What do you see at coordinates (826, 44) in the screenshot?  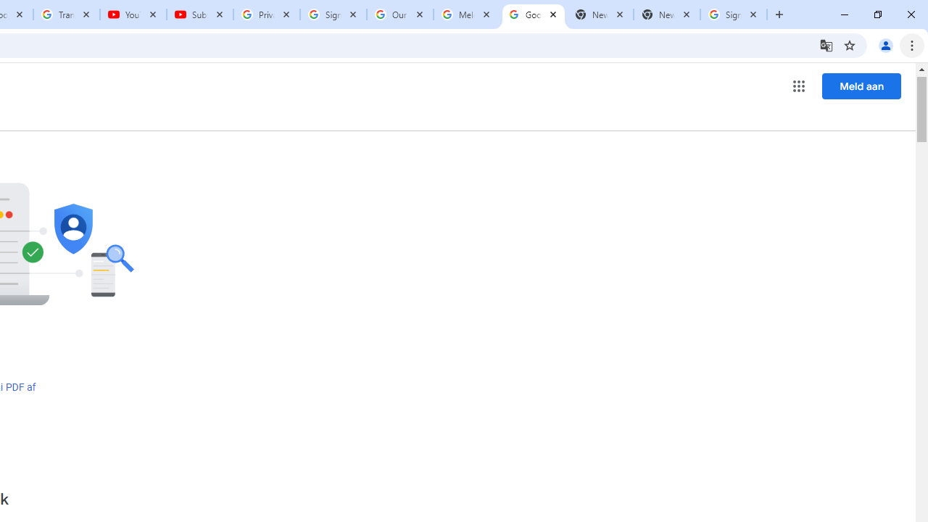 I see `'Translate this page'` at bounding box center [826, 44].